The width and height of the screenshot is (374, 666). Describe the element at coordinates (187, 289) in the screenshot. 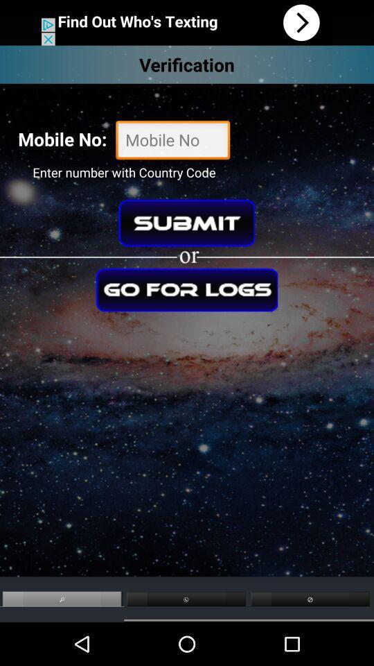

I see `get logs` at that location.